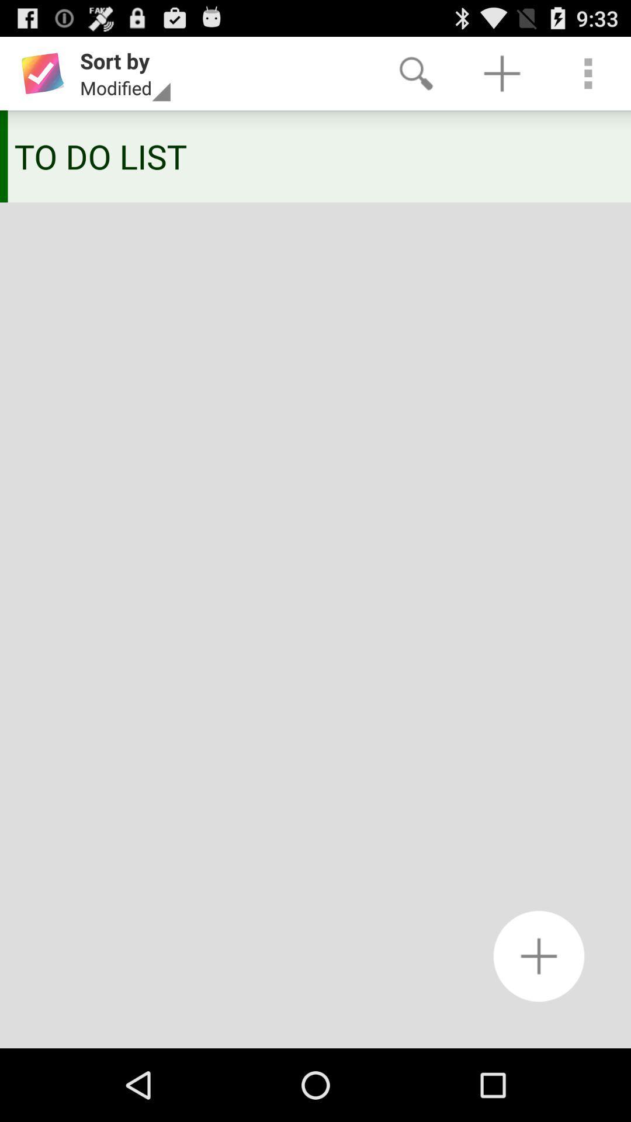 Image resolution: width=631 pixels, height=1122 pixels. I want to click on item above the to do list item, so click(588, 72).